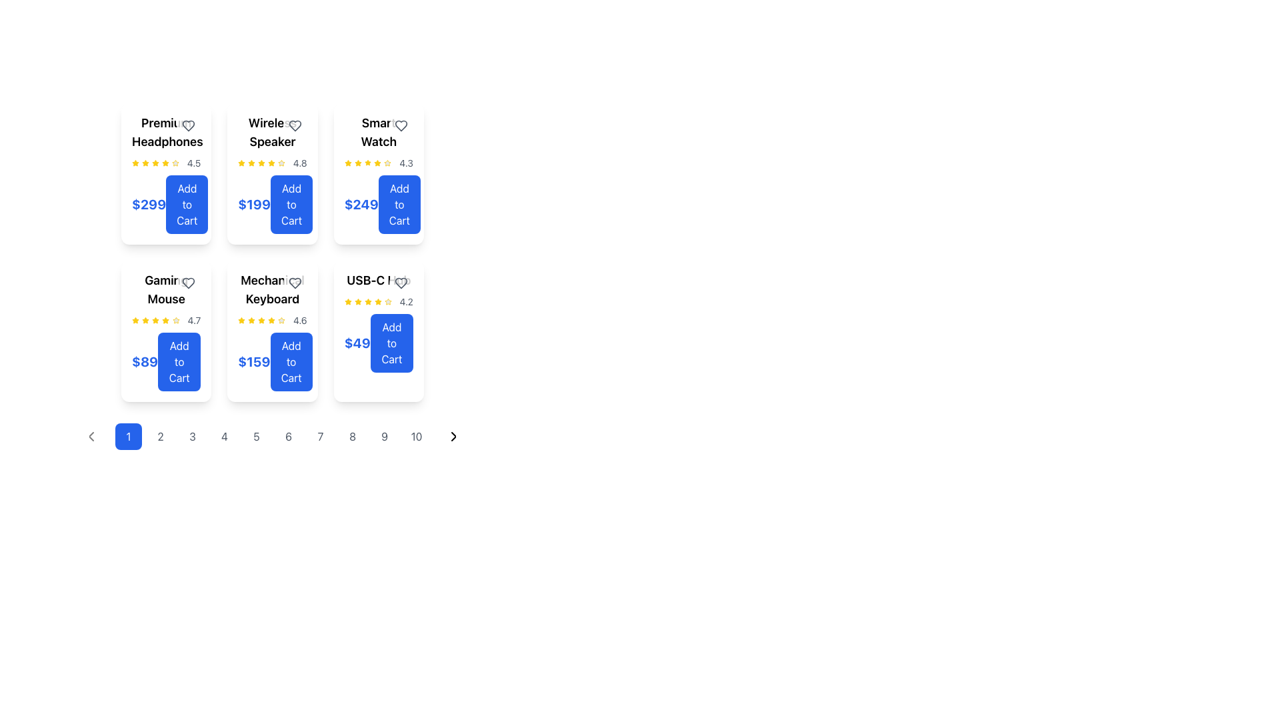 The height and width of the screenshot is (720, 1280). Describe the element at coordinates (165, 163) in the screenshot. I see `the visual representation of the fifth star in the rating bar for the product 'Premium Headphones', which indicates the highest rating level` at that location.